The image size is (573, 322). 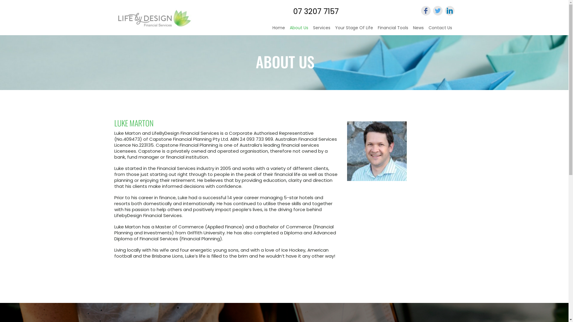 I want to click on 'Contact Us', so click(x=440, y=26).